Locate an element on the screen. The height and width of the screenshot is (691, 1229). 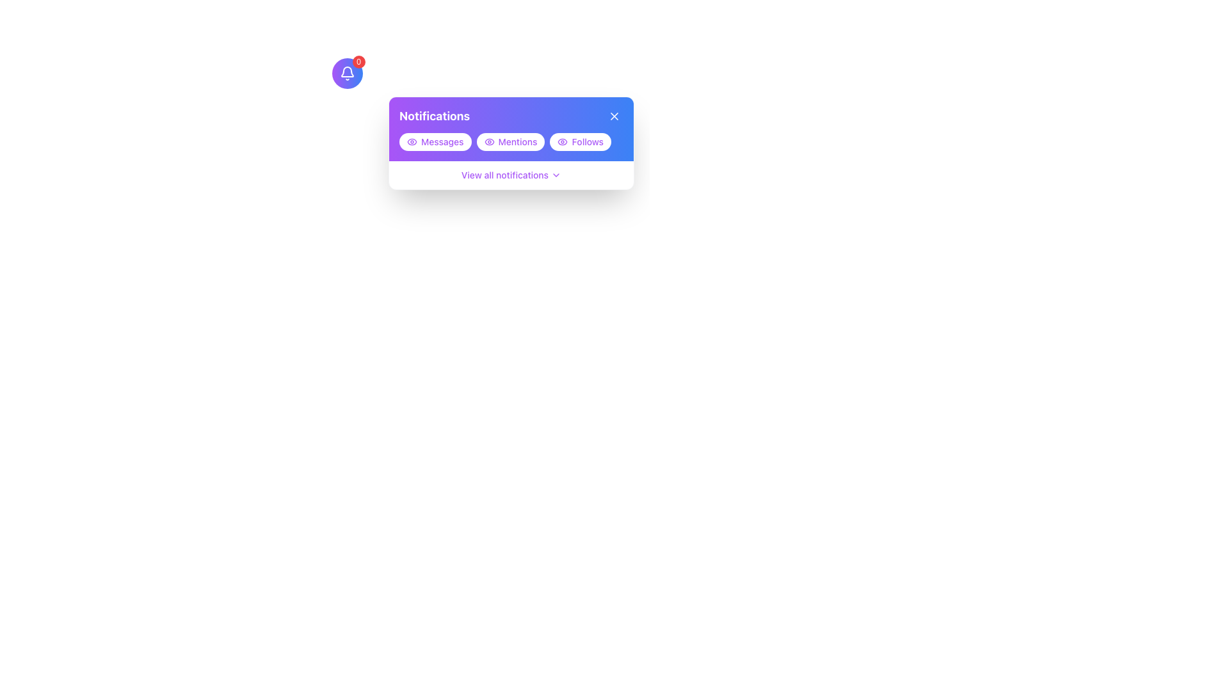
information within the 'Notifications' section, which is a rectangular area with a gradient background containing the title 'Notifications' and three buttons labeled 'Messages', 'Mentions', and 'Follows' is located at coordinates (510, 129).